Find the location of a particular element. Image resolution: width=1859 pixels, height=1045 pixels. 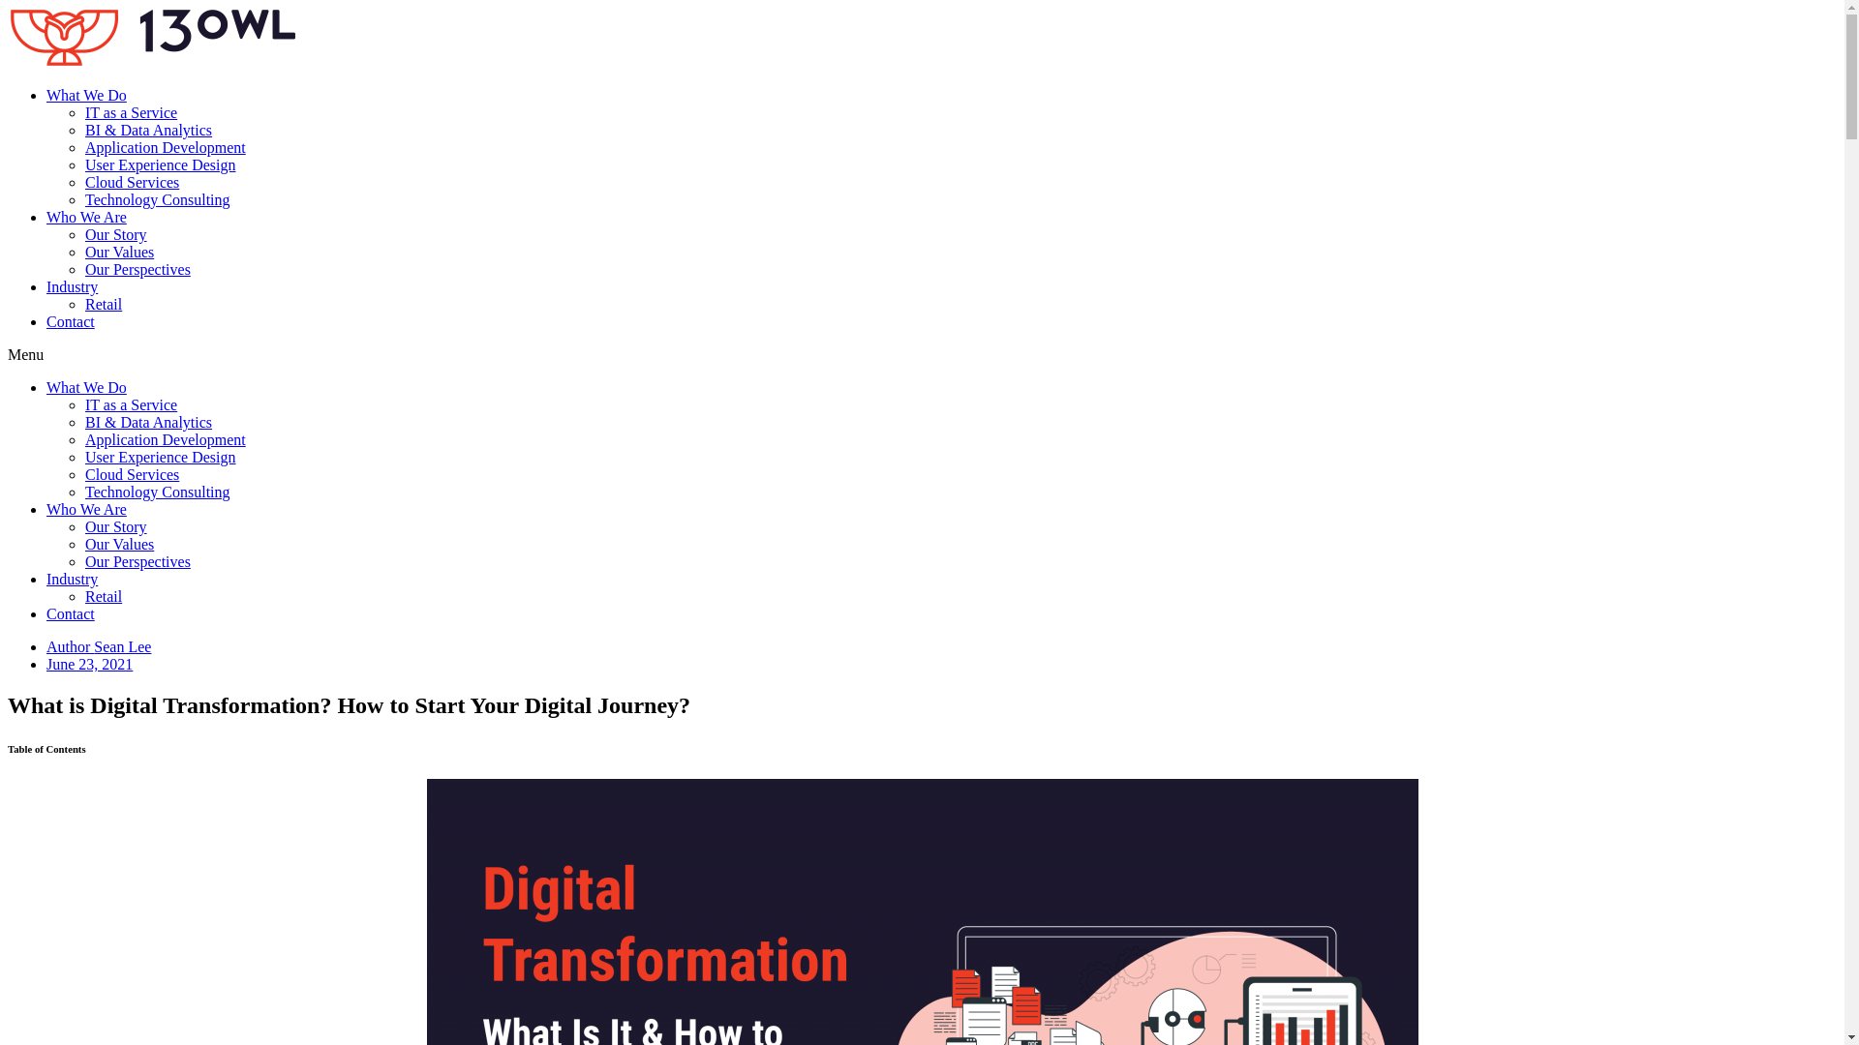

'Our Values' is located at coordinates (83, 544).